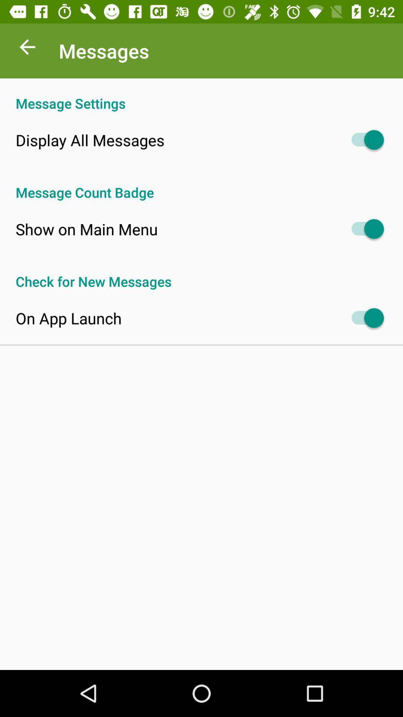 This screenshot has height=717, width=403. What do you see at coordinates (27, 49) in the screenshot?
I see `icon to the left of the messages item` at bounding box center [27, 49].